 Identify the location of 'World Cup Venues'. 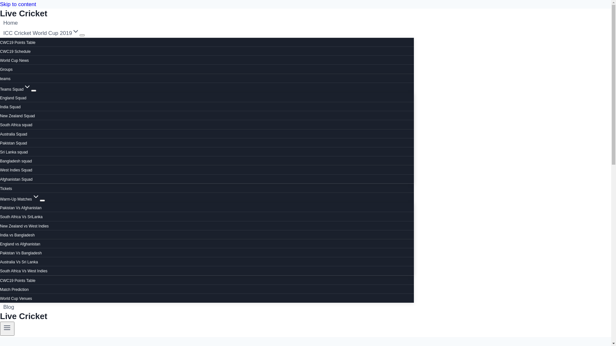
(16, 299).